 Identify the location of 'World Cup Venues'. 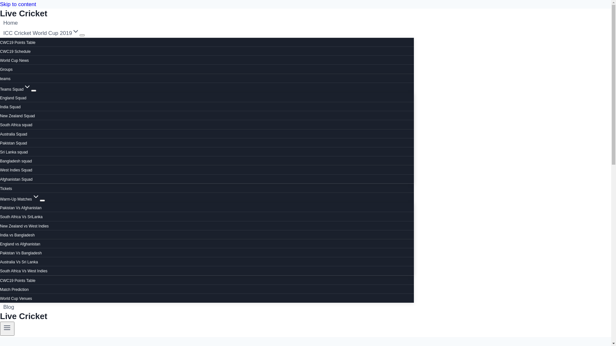
(16, 299).